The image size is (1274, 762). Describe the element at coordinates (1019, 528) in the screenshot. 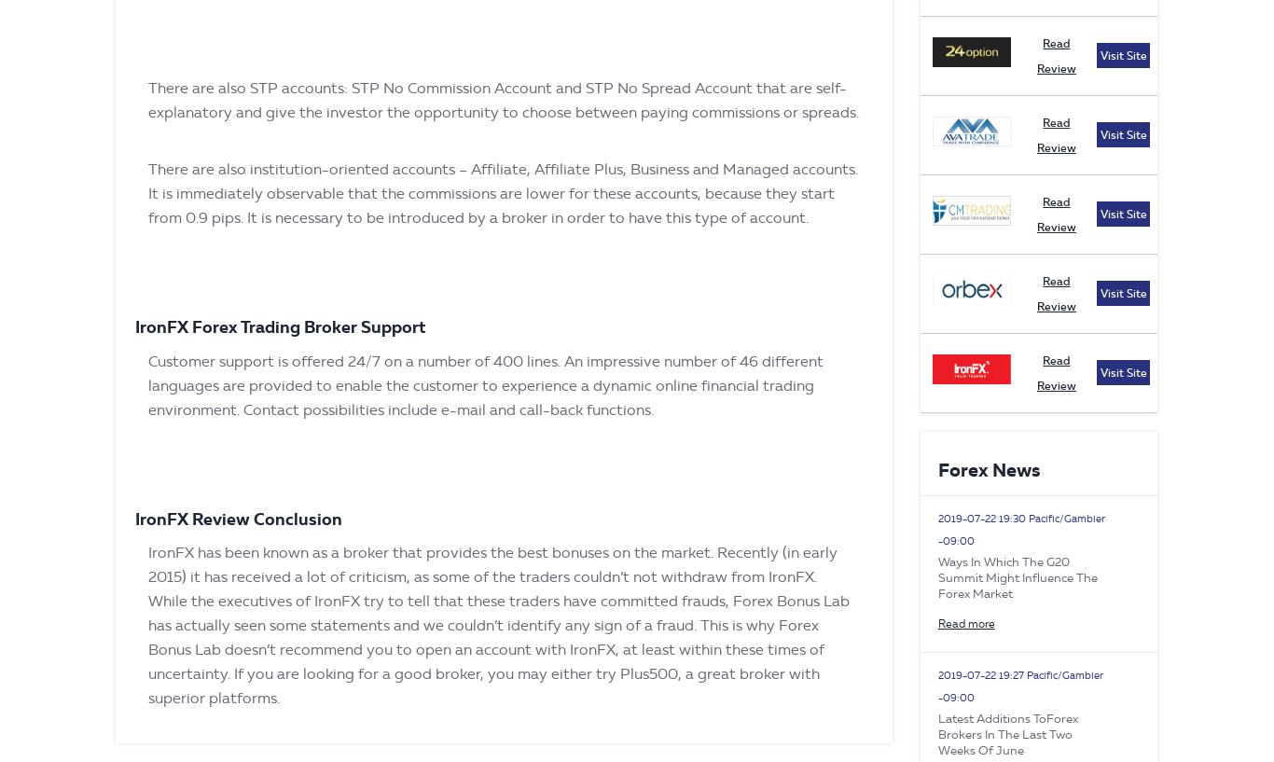

I see `'2019-07-22 19:30 Pacific/Gambier -09:00'` at that location.